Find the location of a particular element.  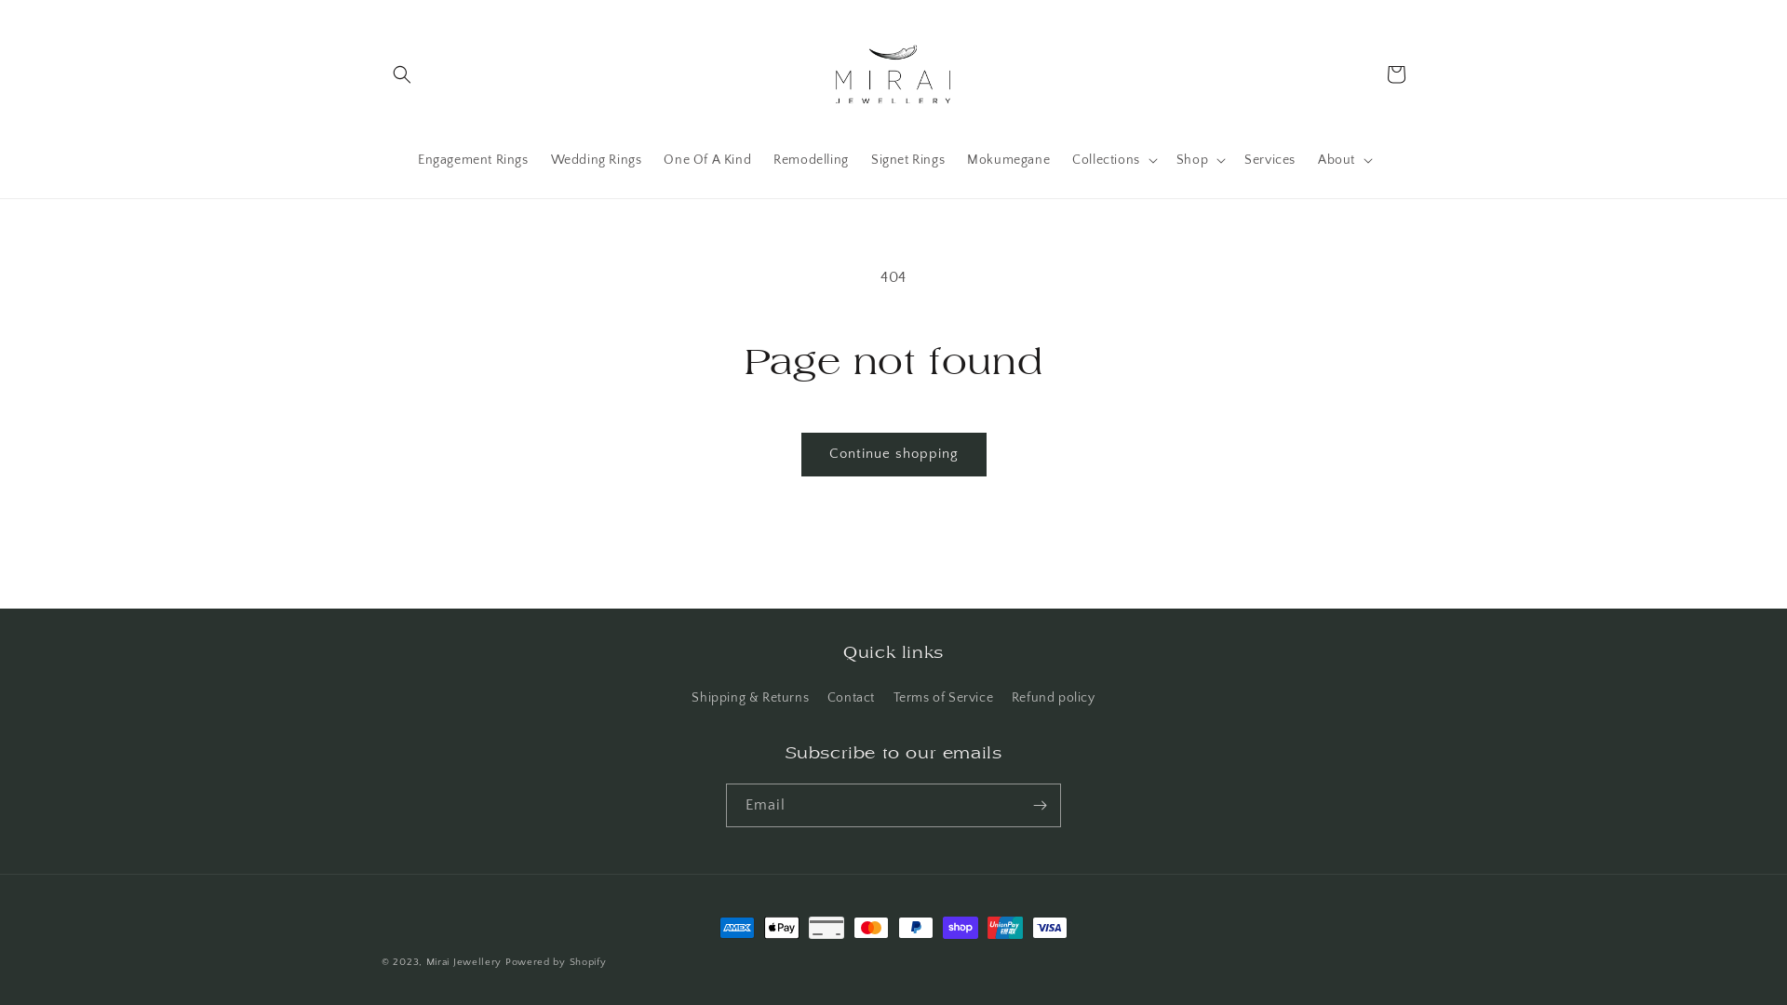

'Powered by Shopify' is located at coordinates (555, 961).